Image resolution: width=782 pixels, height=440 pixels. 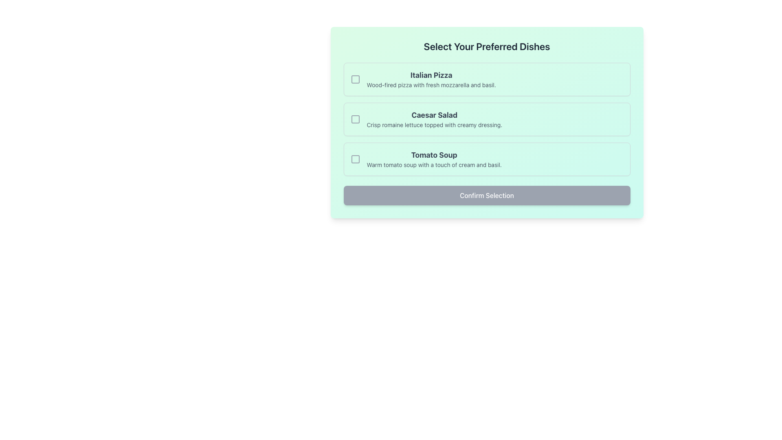 I want to click on the circular checkbox associated with the 'Tomato Soup' option in the selection interface, so click(x=355, y=159).